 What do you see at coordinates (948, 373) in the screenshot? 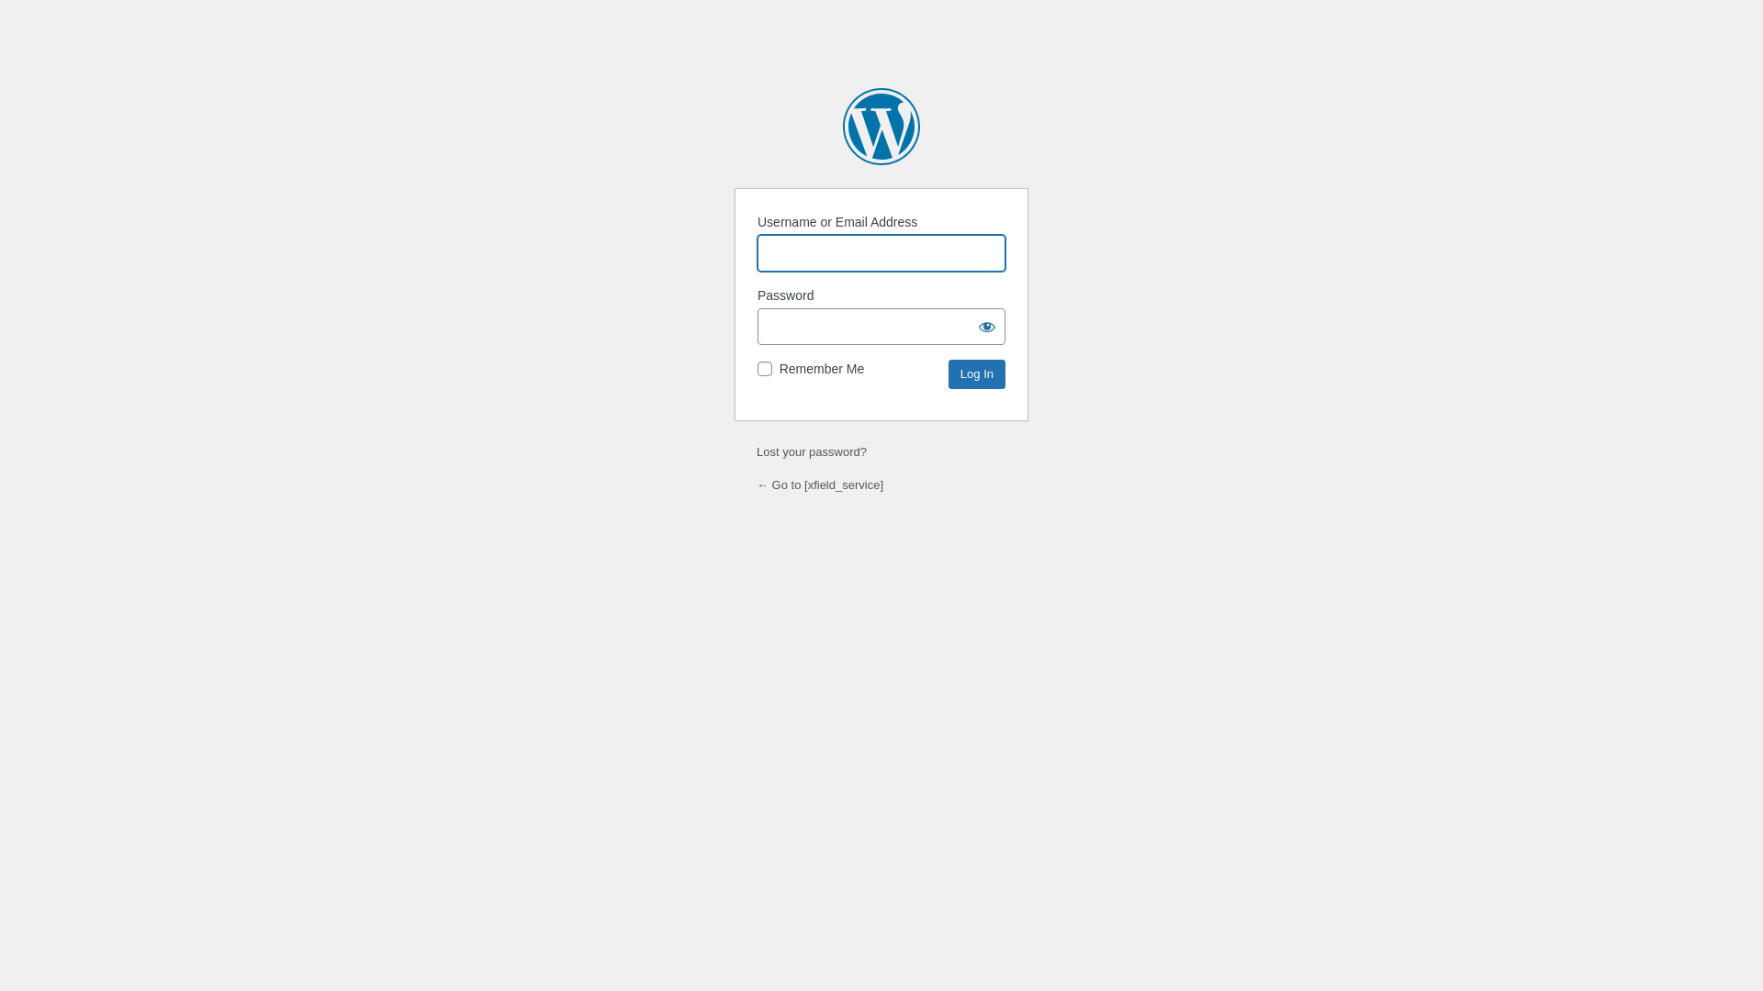
I see `'Log In'` at bounding box center [948, 373].